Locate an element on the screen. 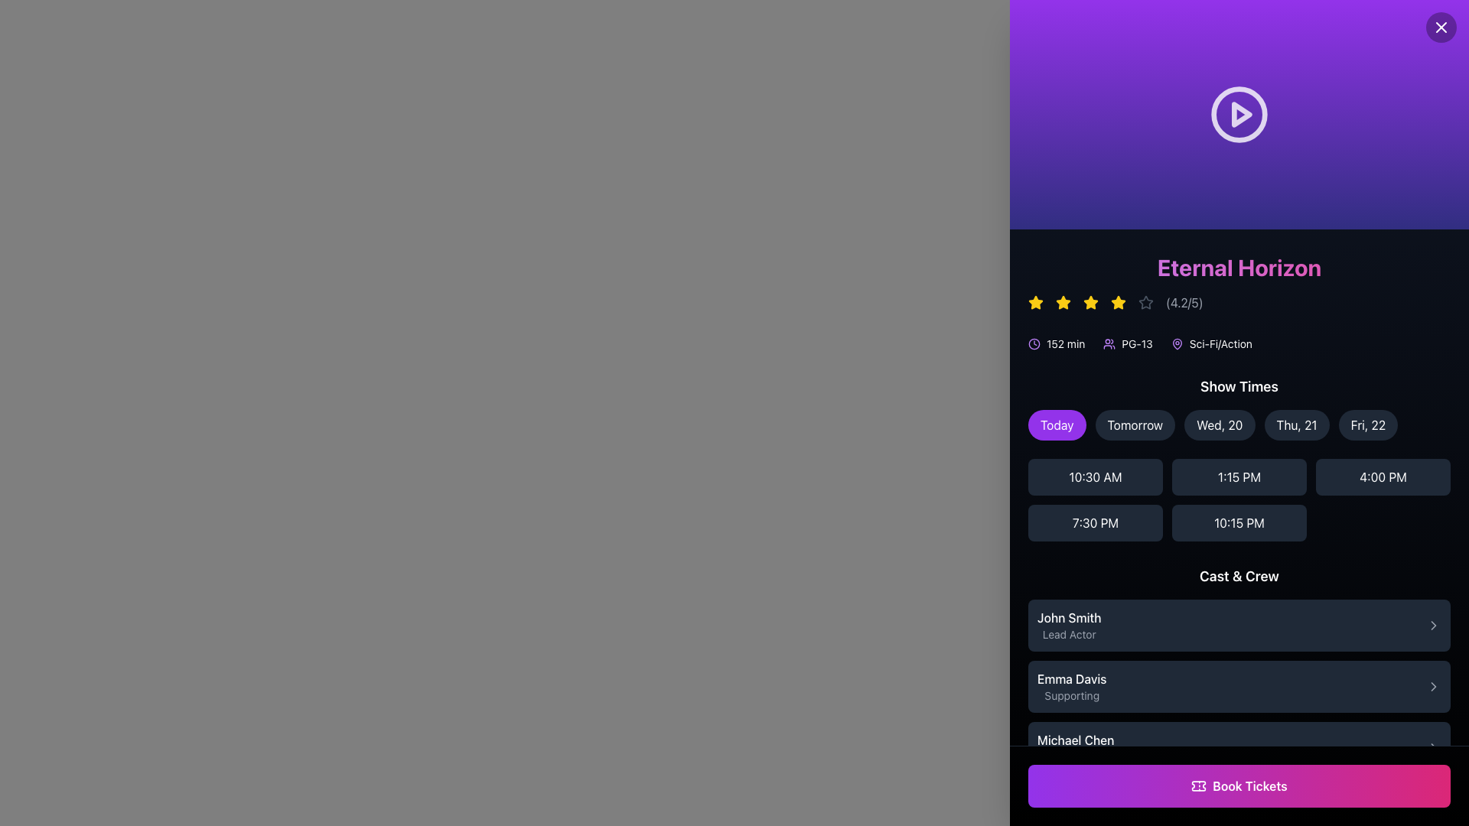  the '7:30 PM' button located in the second row, first column of the 'Show Times' grid is located at coordinates (1094, 522).